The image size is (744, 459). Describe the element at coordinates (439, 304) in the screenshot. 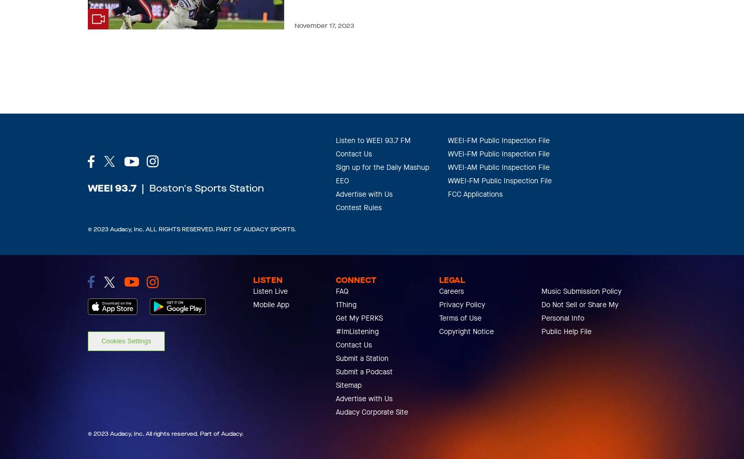

I see `'Privacy Policy'` at that location.